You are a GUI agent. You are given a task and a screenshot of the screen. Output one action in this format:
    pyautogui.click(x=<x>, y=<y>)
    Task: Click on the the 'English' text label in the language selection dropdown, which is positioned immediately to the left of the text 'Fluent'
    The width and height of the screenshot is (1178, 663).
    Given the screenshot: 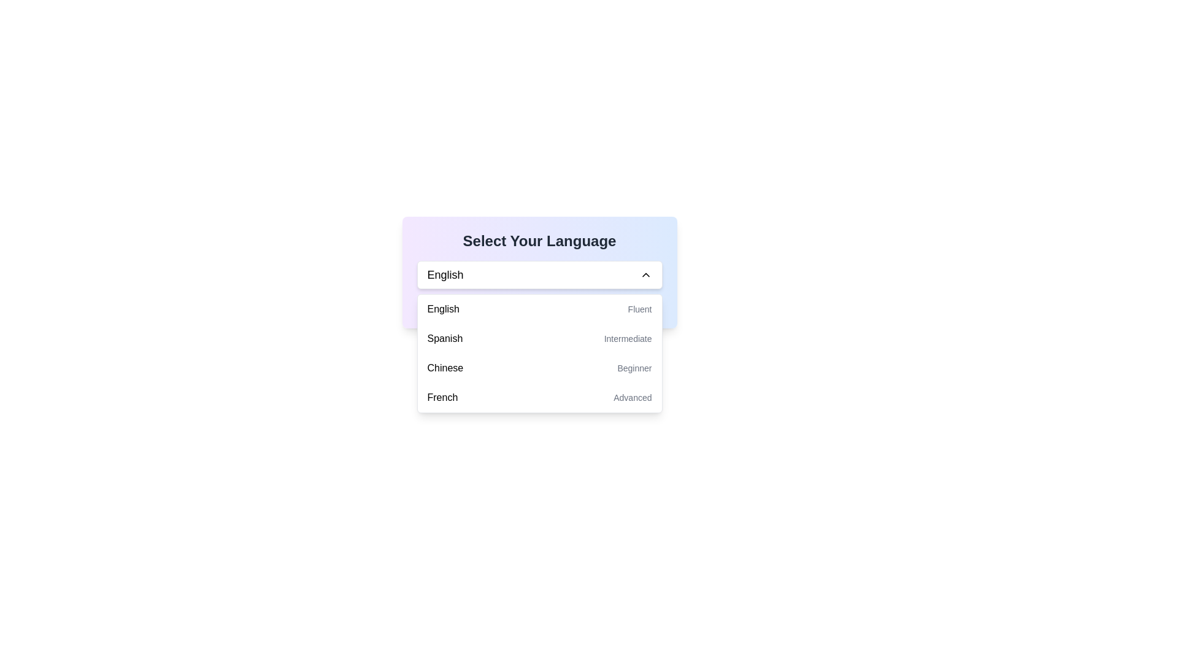 What is the action you would take?
    pyautogui.click(x=442, y=309)
    